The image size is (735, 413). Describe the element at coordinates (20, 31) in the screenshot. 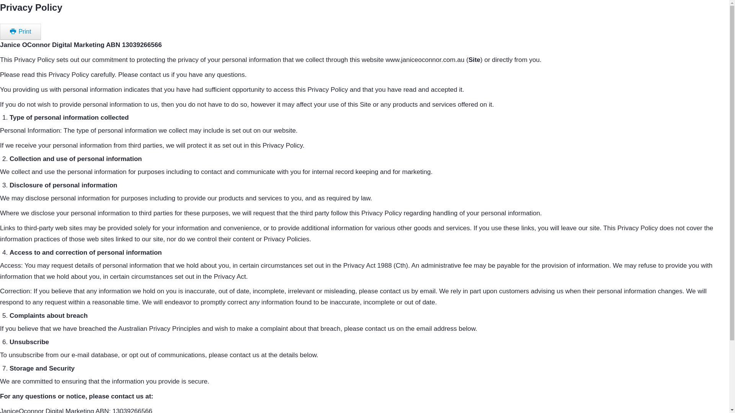

I see `'Print'` at that location.